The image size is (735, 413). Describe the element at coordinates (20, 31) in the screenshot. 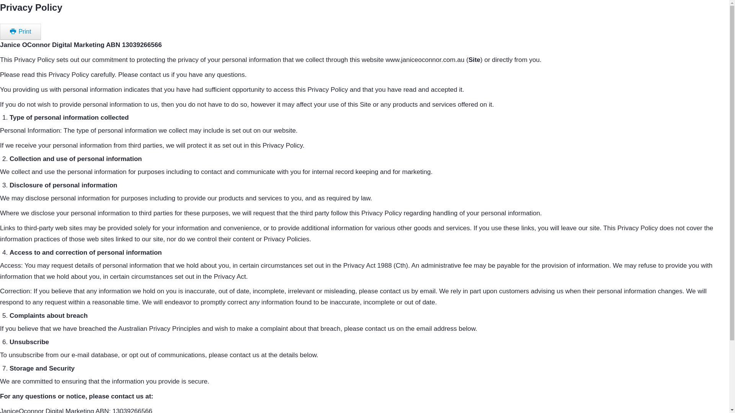

I see `'Print'` at that location.